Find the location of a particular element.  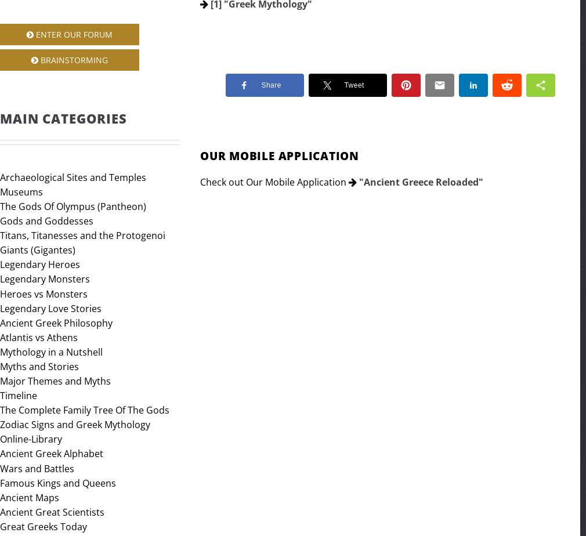

'Brainstorming' is located at coordinates (73, 59).